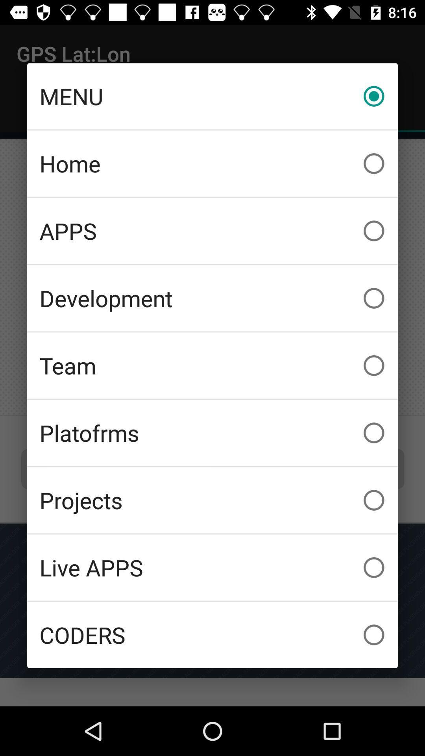 The width and height of the screenshot is (425, 756). What do you see at coordinates (213, 96) in the screenshot?
I see `the item above the home item` at bounding box center [213, 96].